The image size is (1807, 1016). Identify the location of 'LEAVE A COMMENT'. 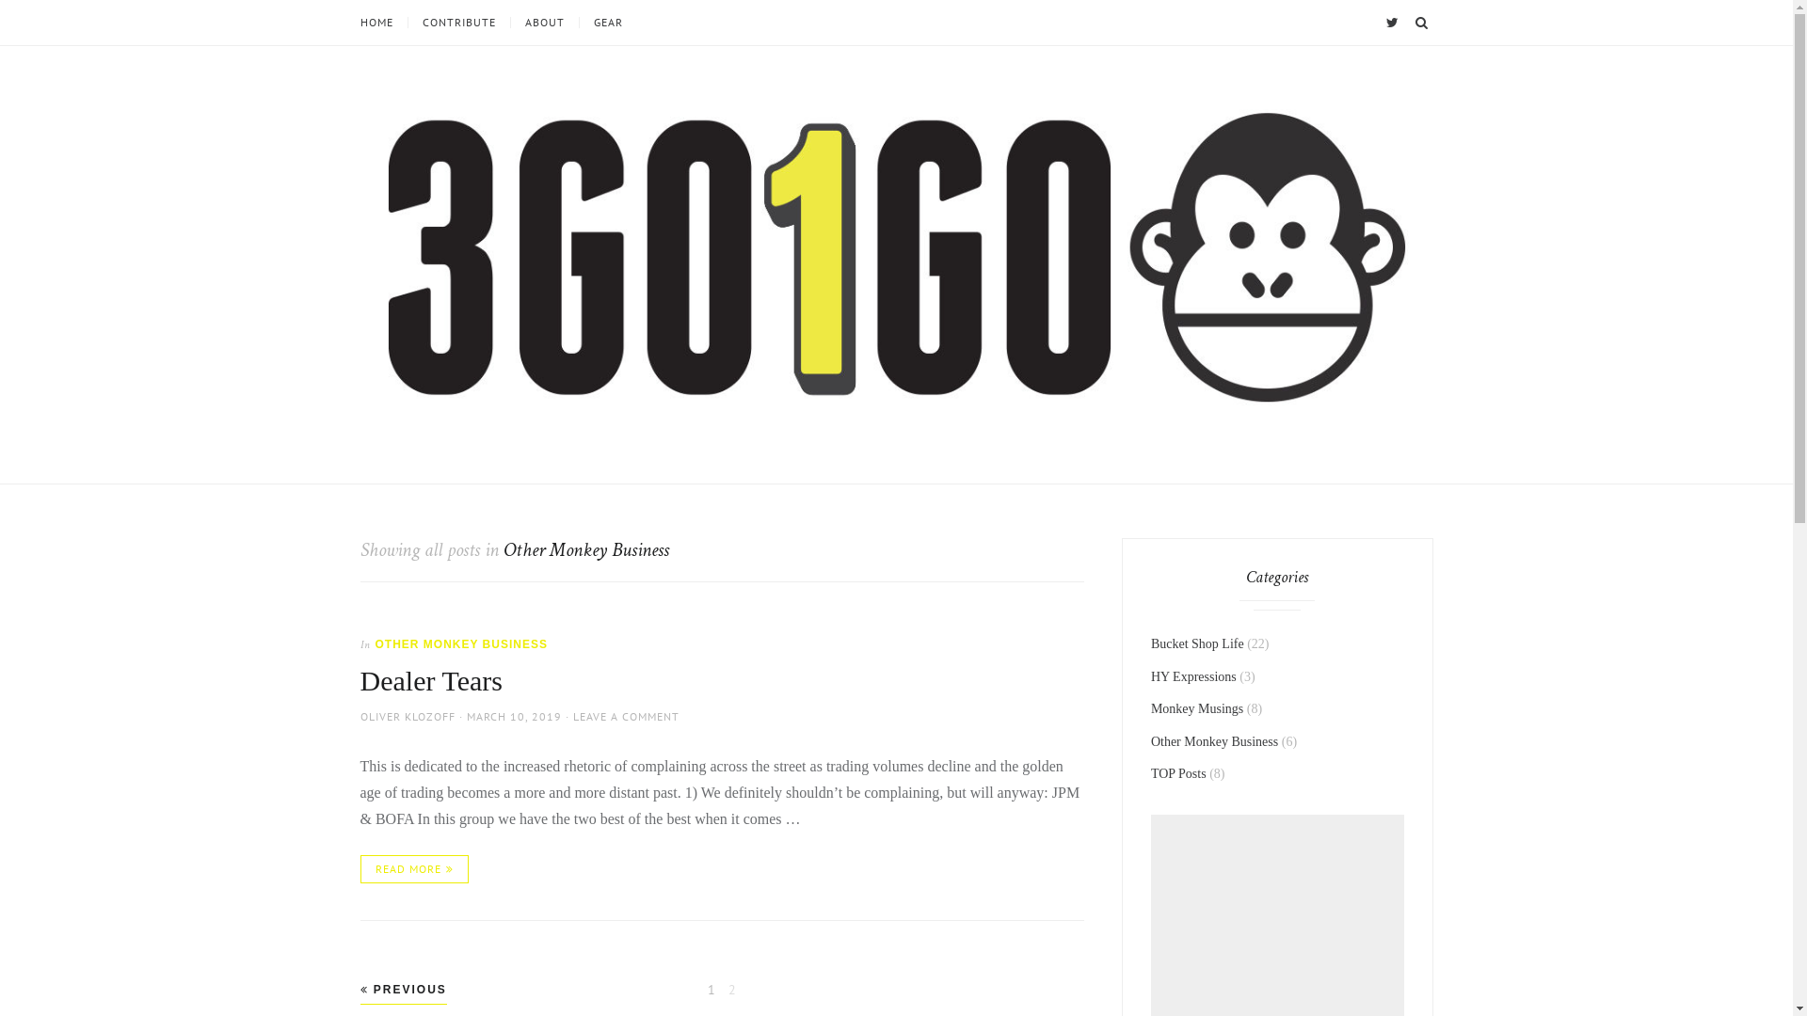
(625, 716).